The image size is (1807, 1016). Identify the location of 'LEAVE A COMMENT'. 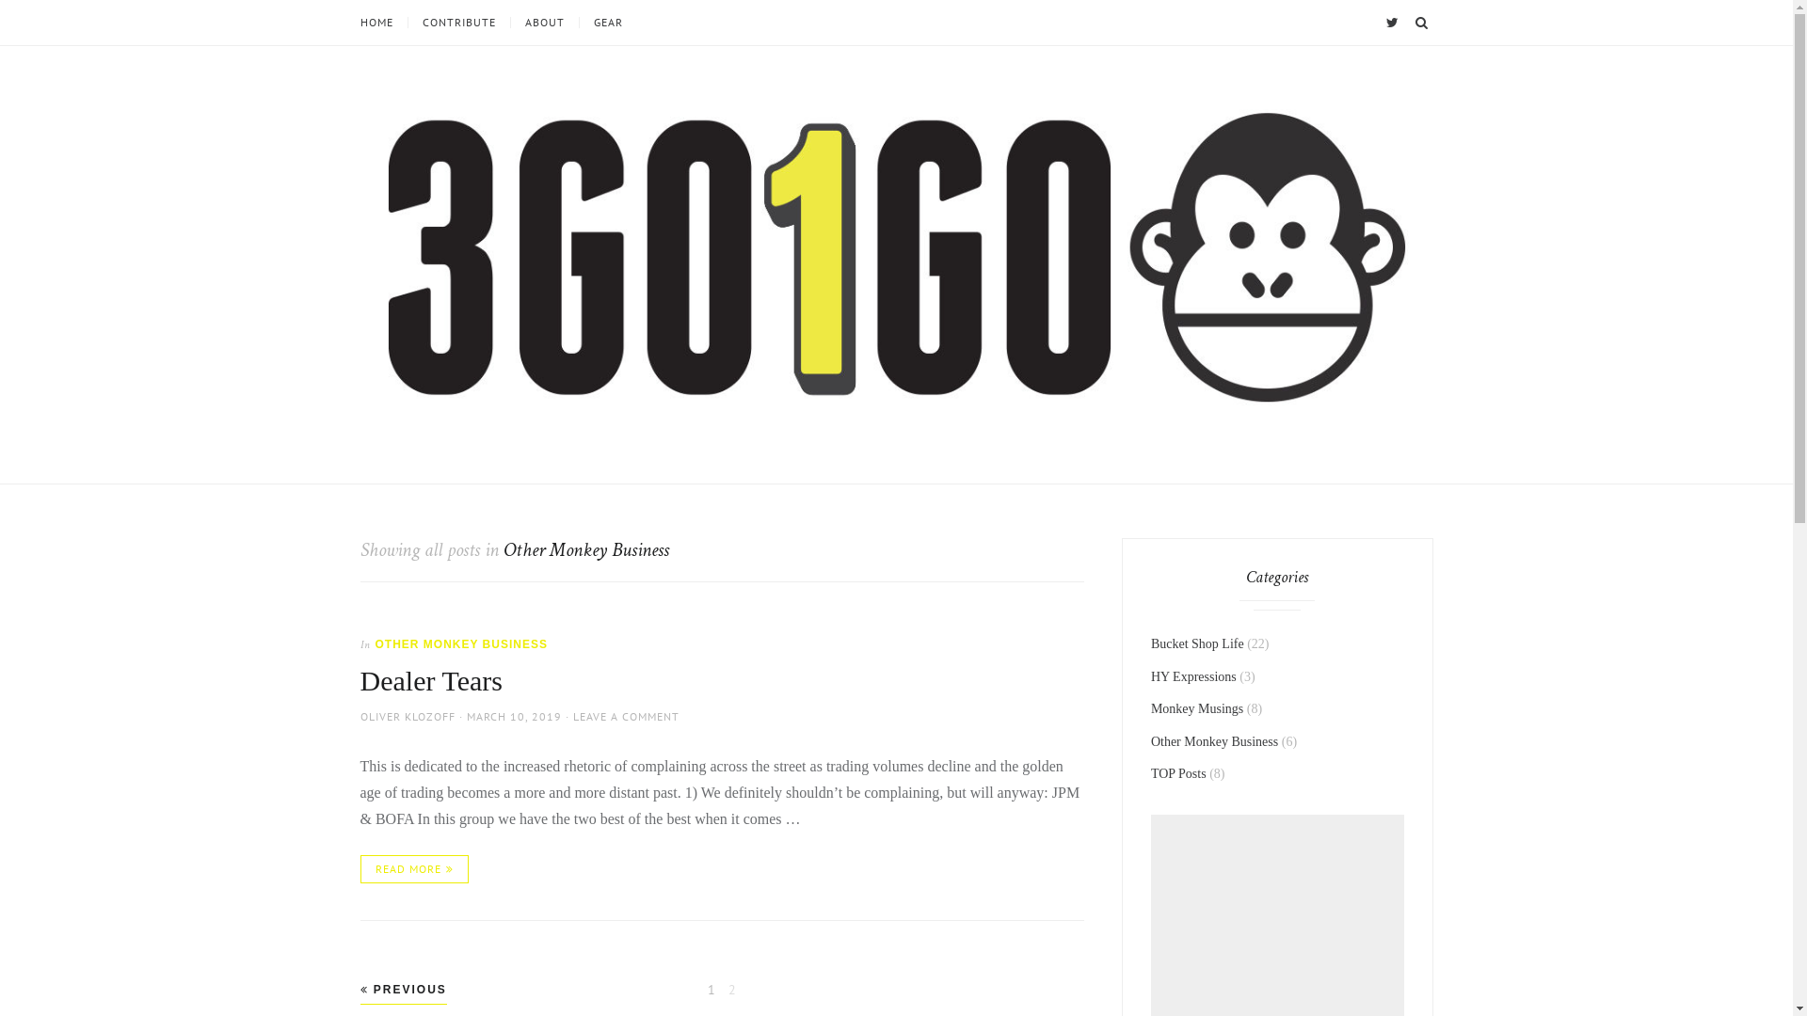
(625, 716).